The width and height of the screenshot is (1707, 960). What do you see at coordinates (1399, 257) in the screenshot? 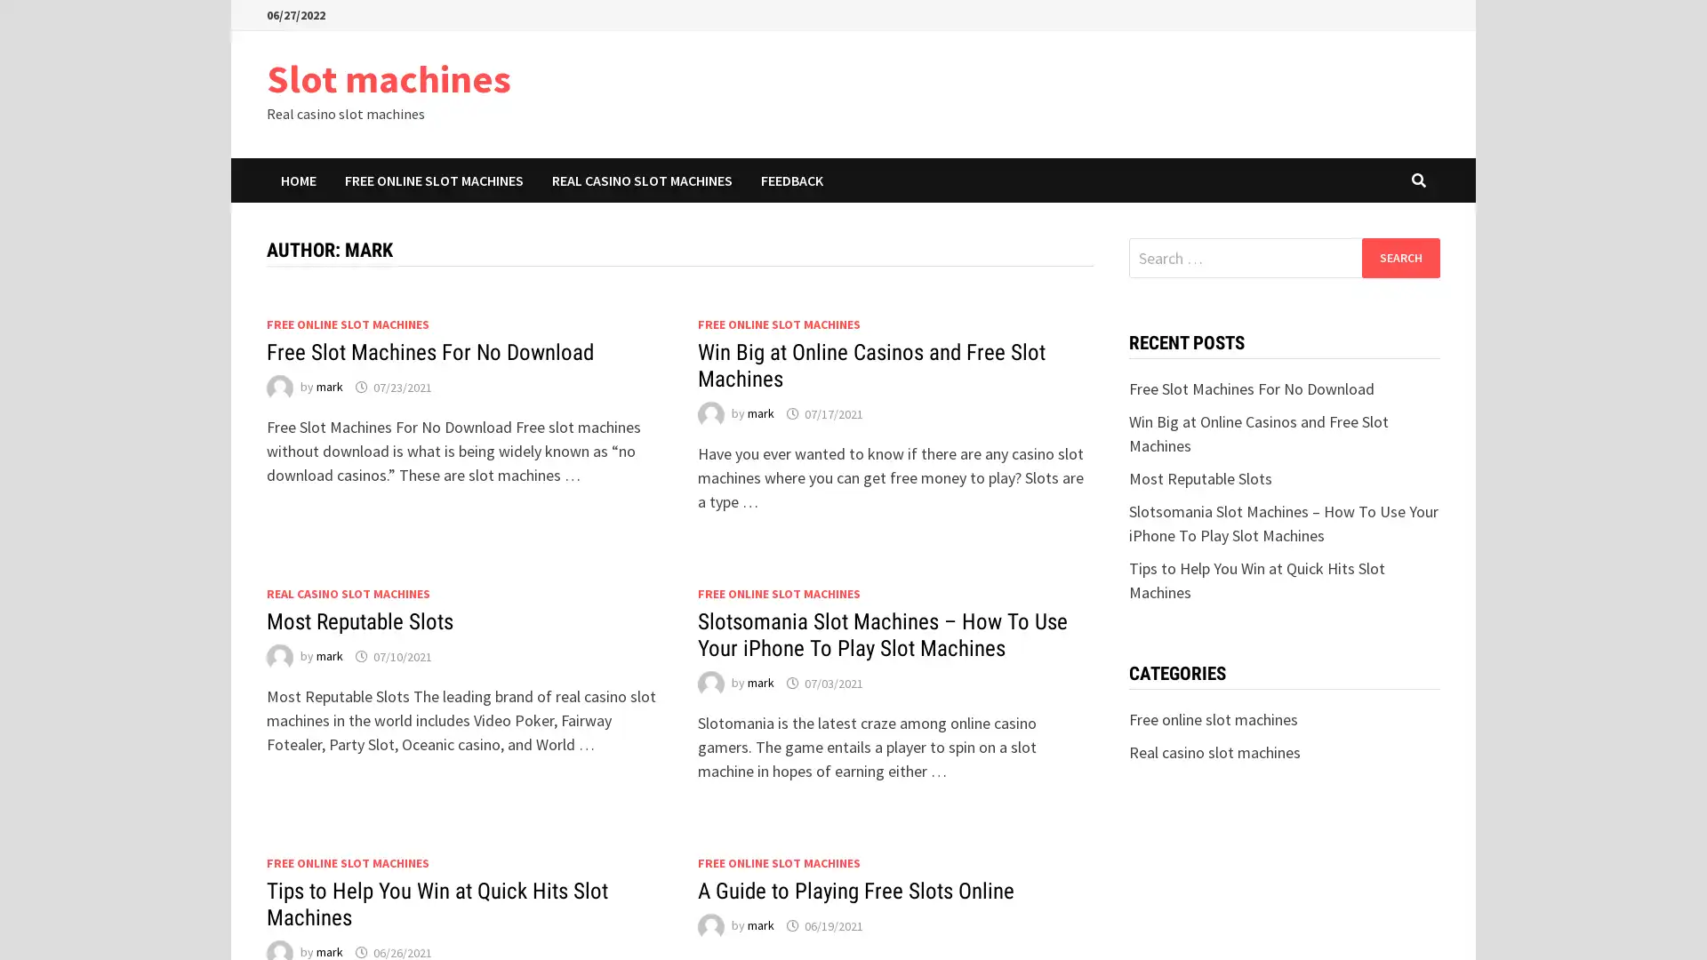
I see `Search` at bounding box center [1399, 257].